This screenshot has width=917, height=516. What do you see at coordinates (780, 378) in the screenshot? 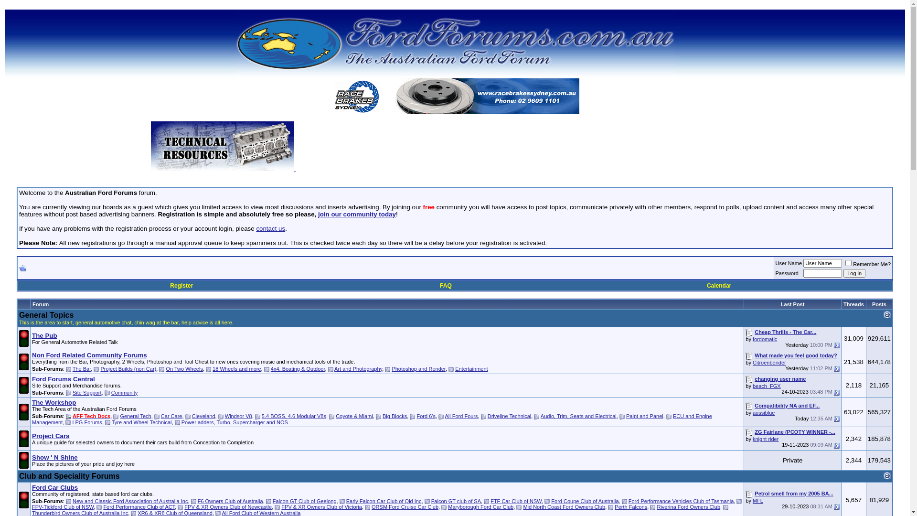
I see `'changing user name'` at bounding box center [780, 378].